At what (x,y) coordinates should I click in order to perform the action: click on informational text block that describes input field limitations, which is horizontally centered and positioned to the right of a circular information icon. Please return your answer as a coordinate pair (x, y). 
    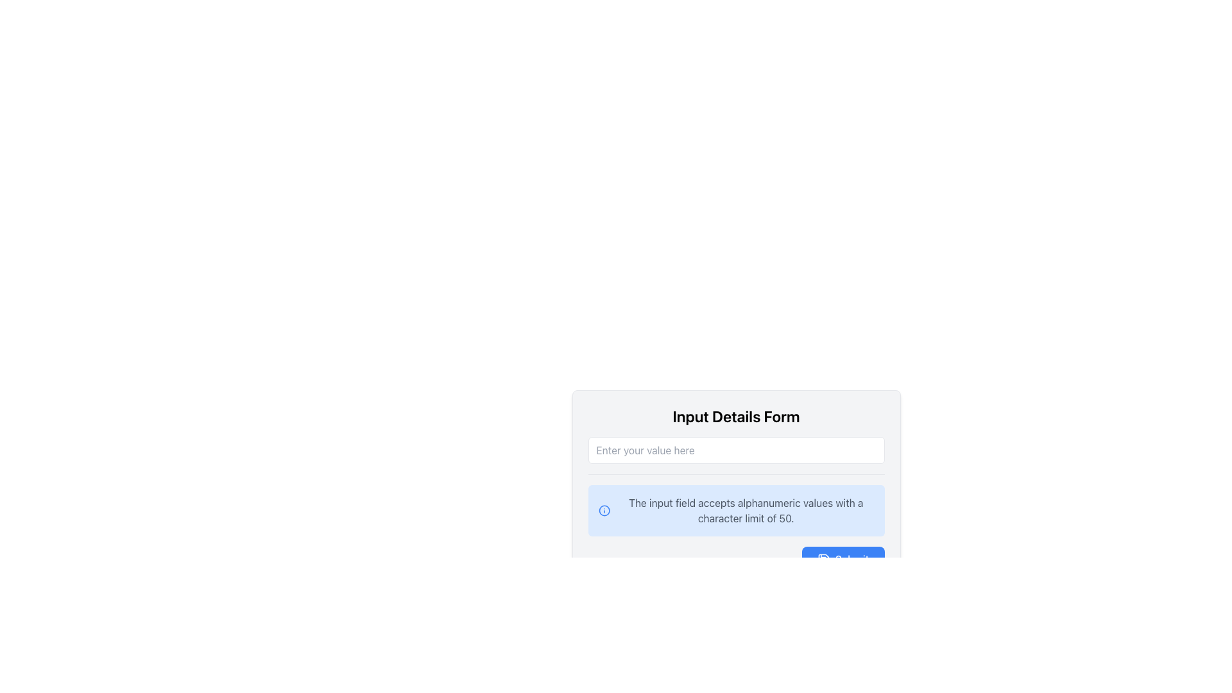
    Looking at the image, I should click on (746, 509).